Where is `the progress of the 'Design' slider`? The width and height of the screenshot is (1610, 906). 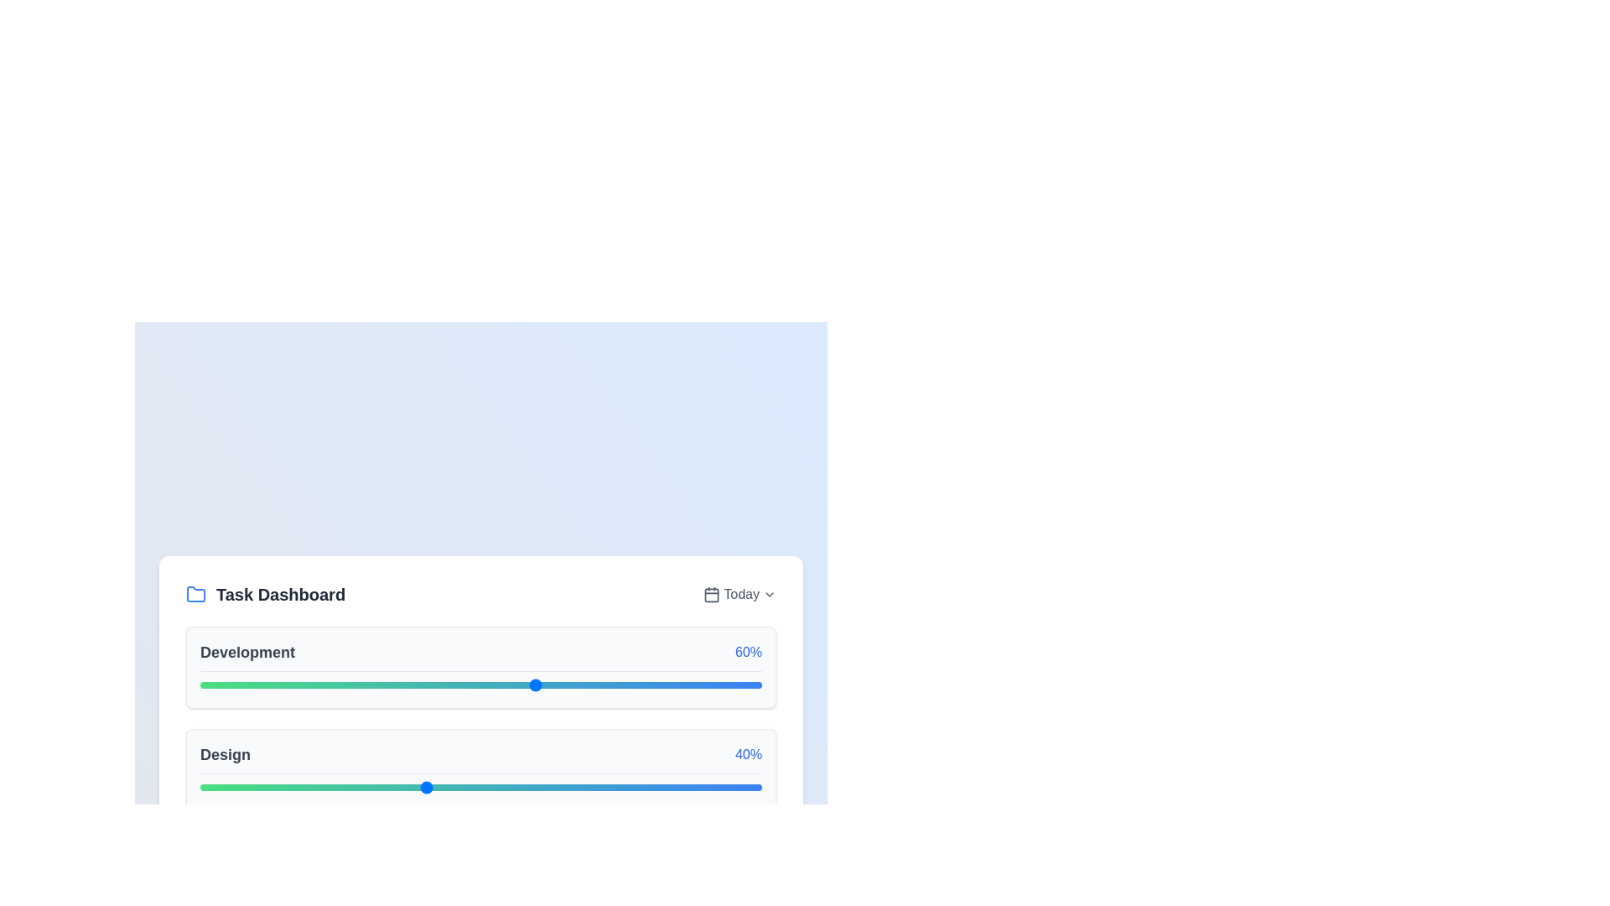 the progress of the 'Design' slider is located at coordinates (290, 787).